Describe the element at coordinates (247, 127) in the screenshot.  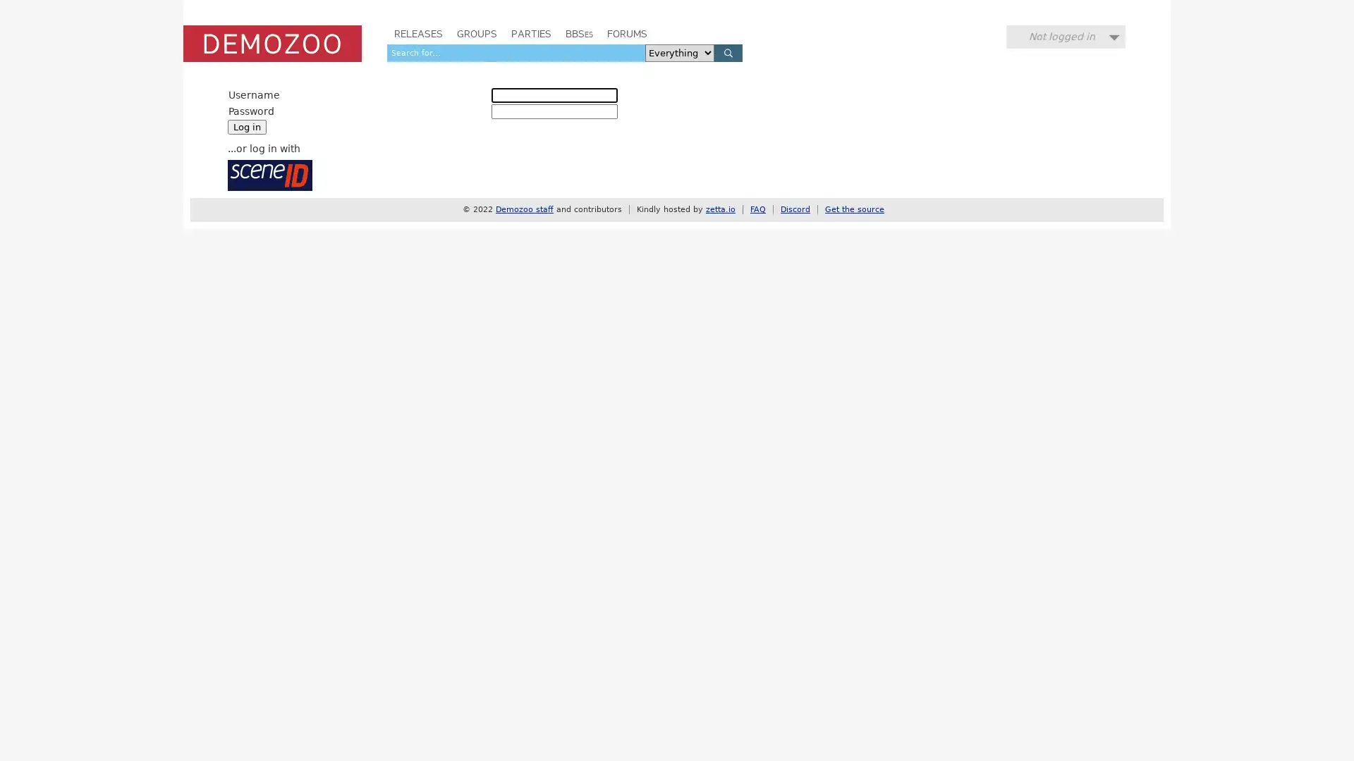
I see `Log in` at that location.